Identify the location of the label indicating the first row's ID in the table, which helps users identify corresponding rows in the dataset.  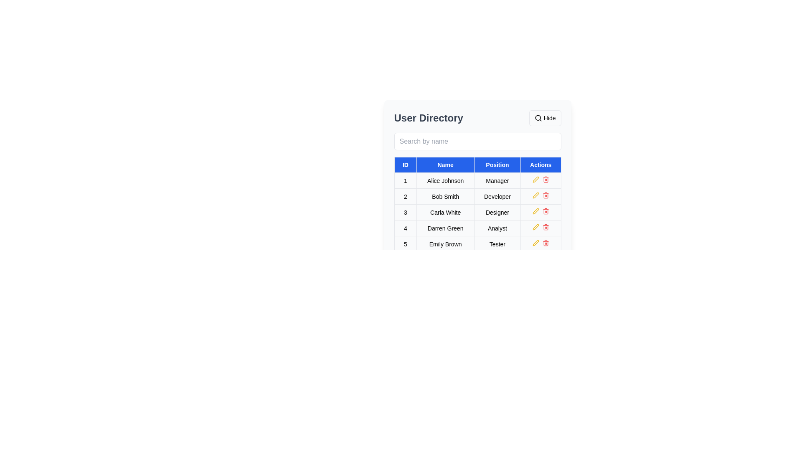
(405, 180).